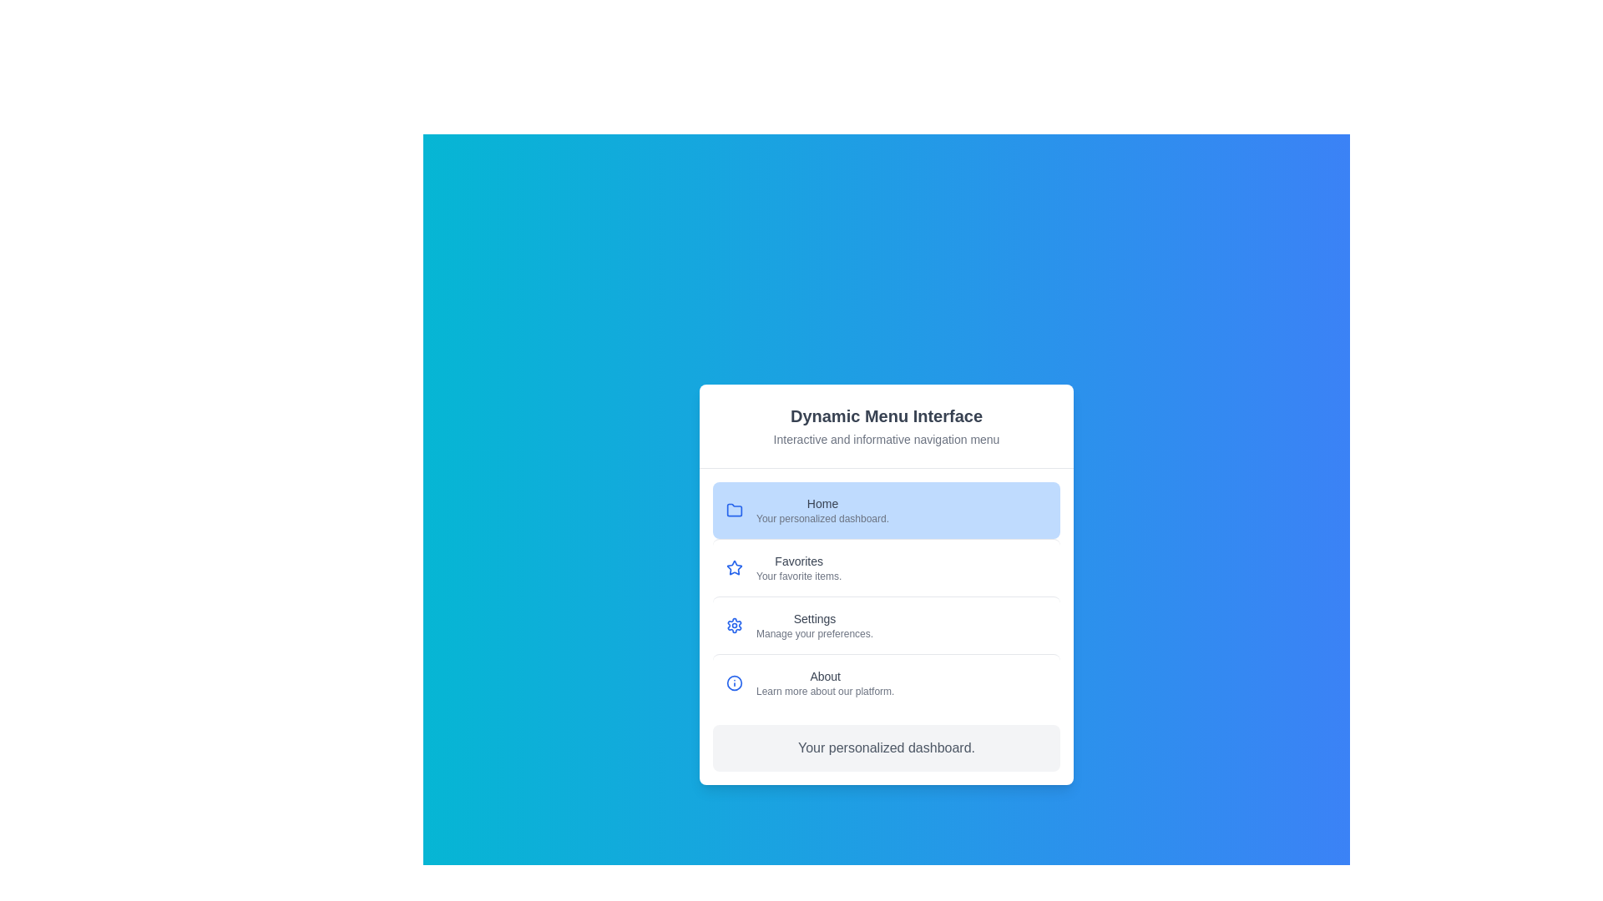 The image size is (1603, 901). I want to click on the menu item labeled Home, so click(885, 510).